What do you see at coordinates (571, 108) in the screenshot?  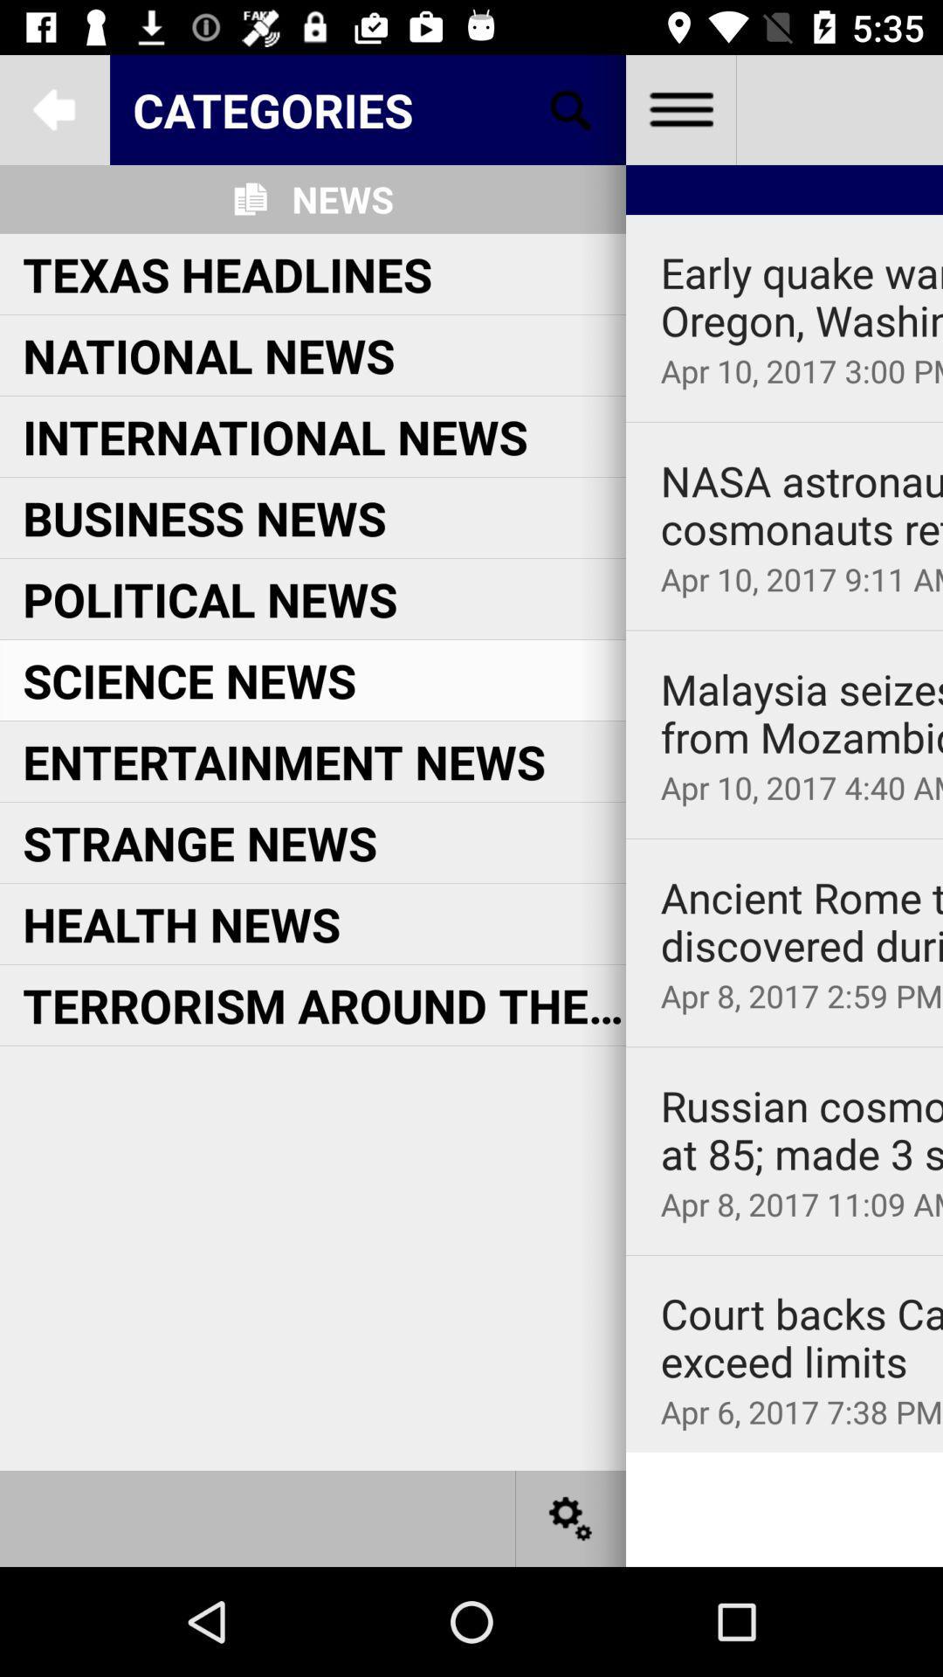 I see `search for categories` at bounding box center [571, 108].